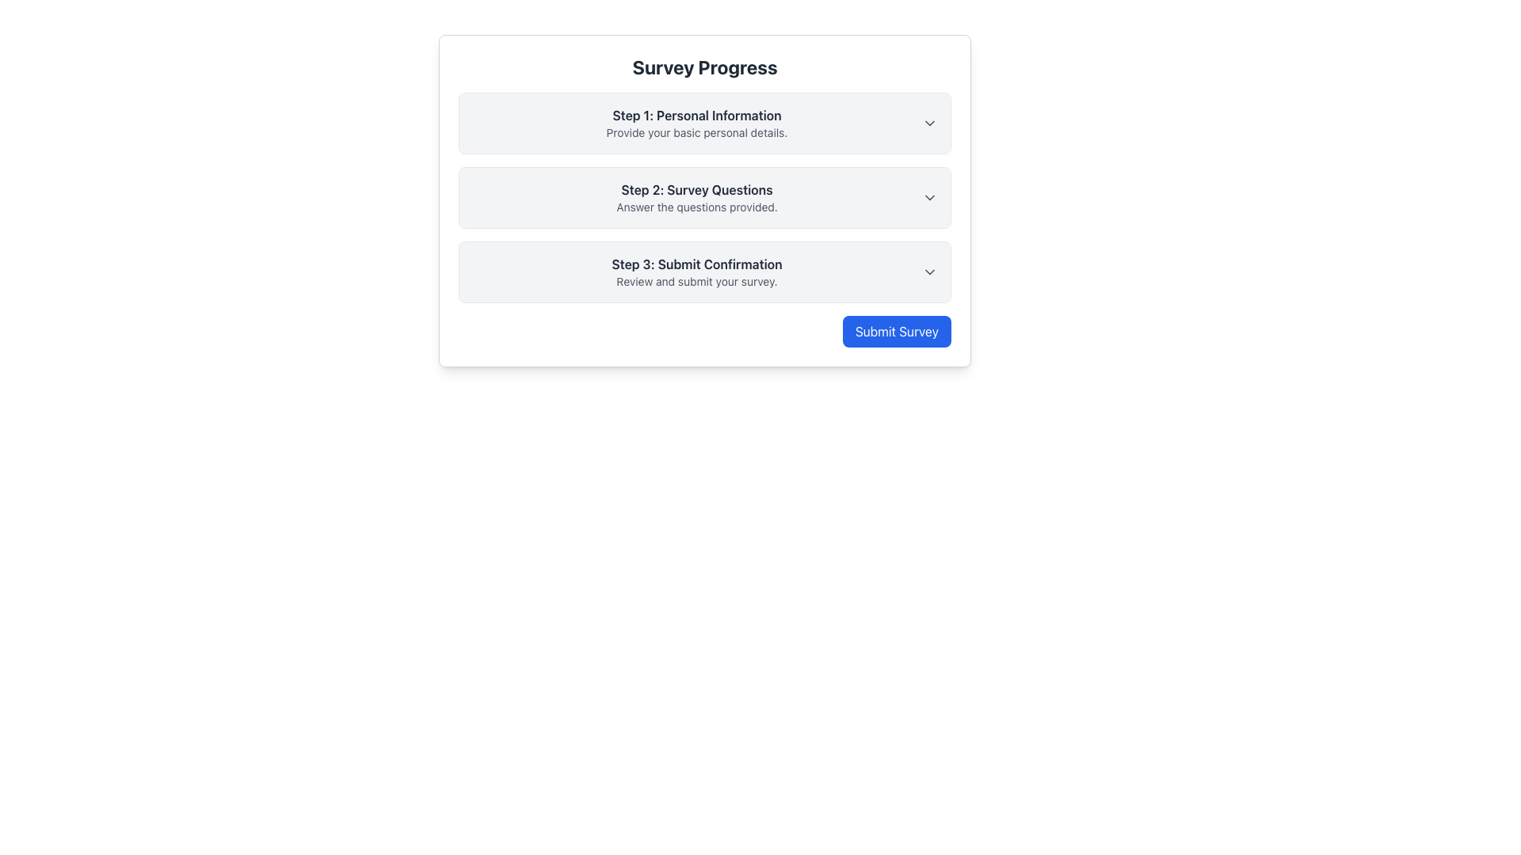  I want to click on the static text header element that displays 'Step 2: Survey Questions', styled in bold dark gray font against a white background, so click(696, 188).